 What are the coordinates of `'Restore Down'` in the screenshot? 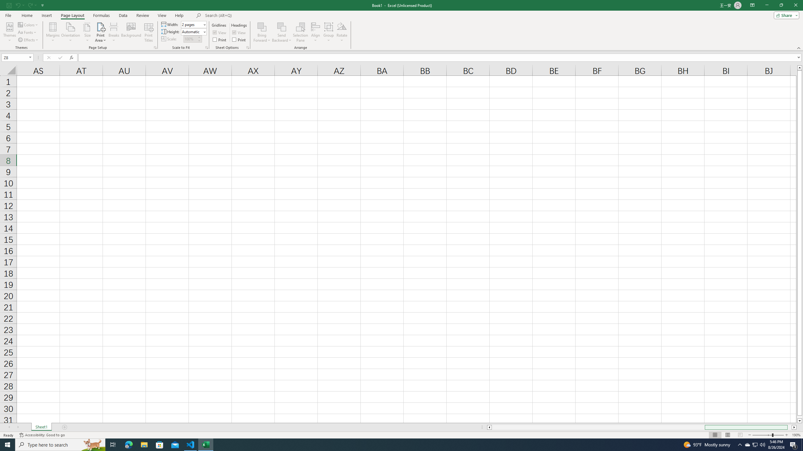 It's located at (781, 5).